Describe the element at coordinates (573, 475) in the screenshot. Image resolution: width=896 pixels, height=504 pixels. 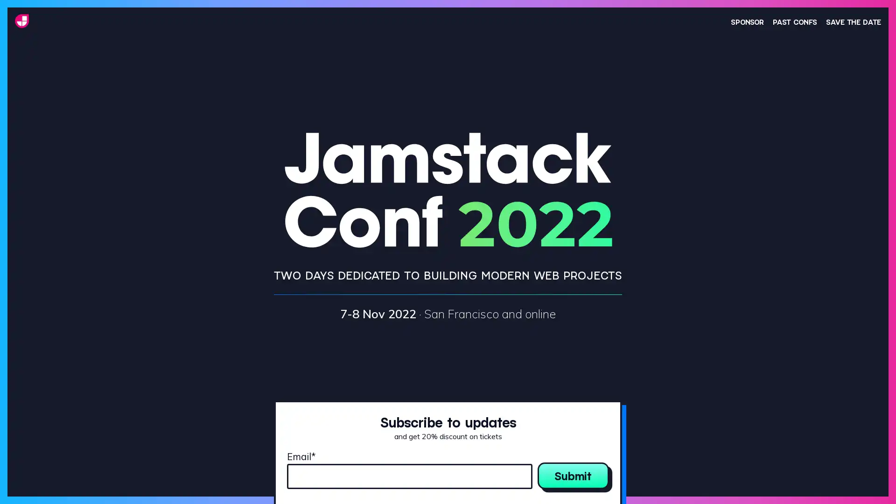
I see `Submit` at that location.